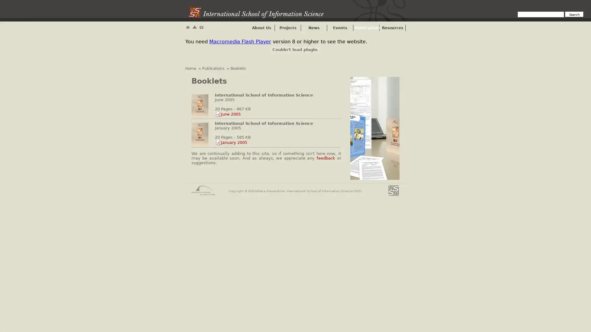  Describe the element at coordinates (574, 14) in the screenshot. I see `Search` at that location.